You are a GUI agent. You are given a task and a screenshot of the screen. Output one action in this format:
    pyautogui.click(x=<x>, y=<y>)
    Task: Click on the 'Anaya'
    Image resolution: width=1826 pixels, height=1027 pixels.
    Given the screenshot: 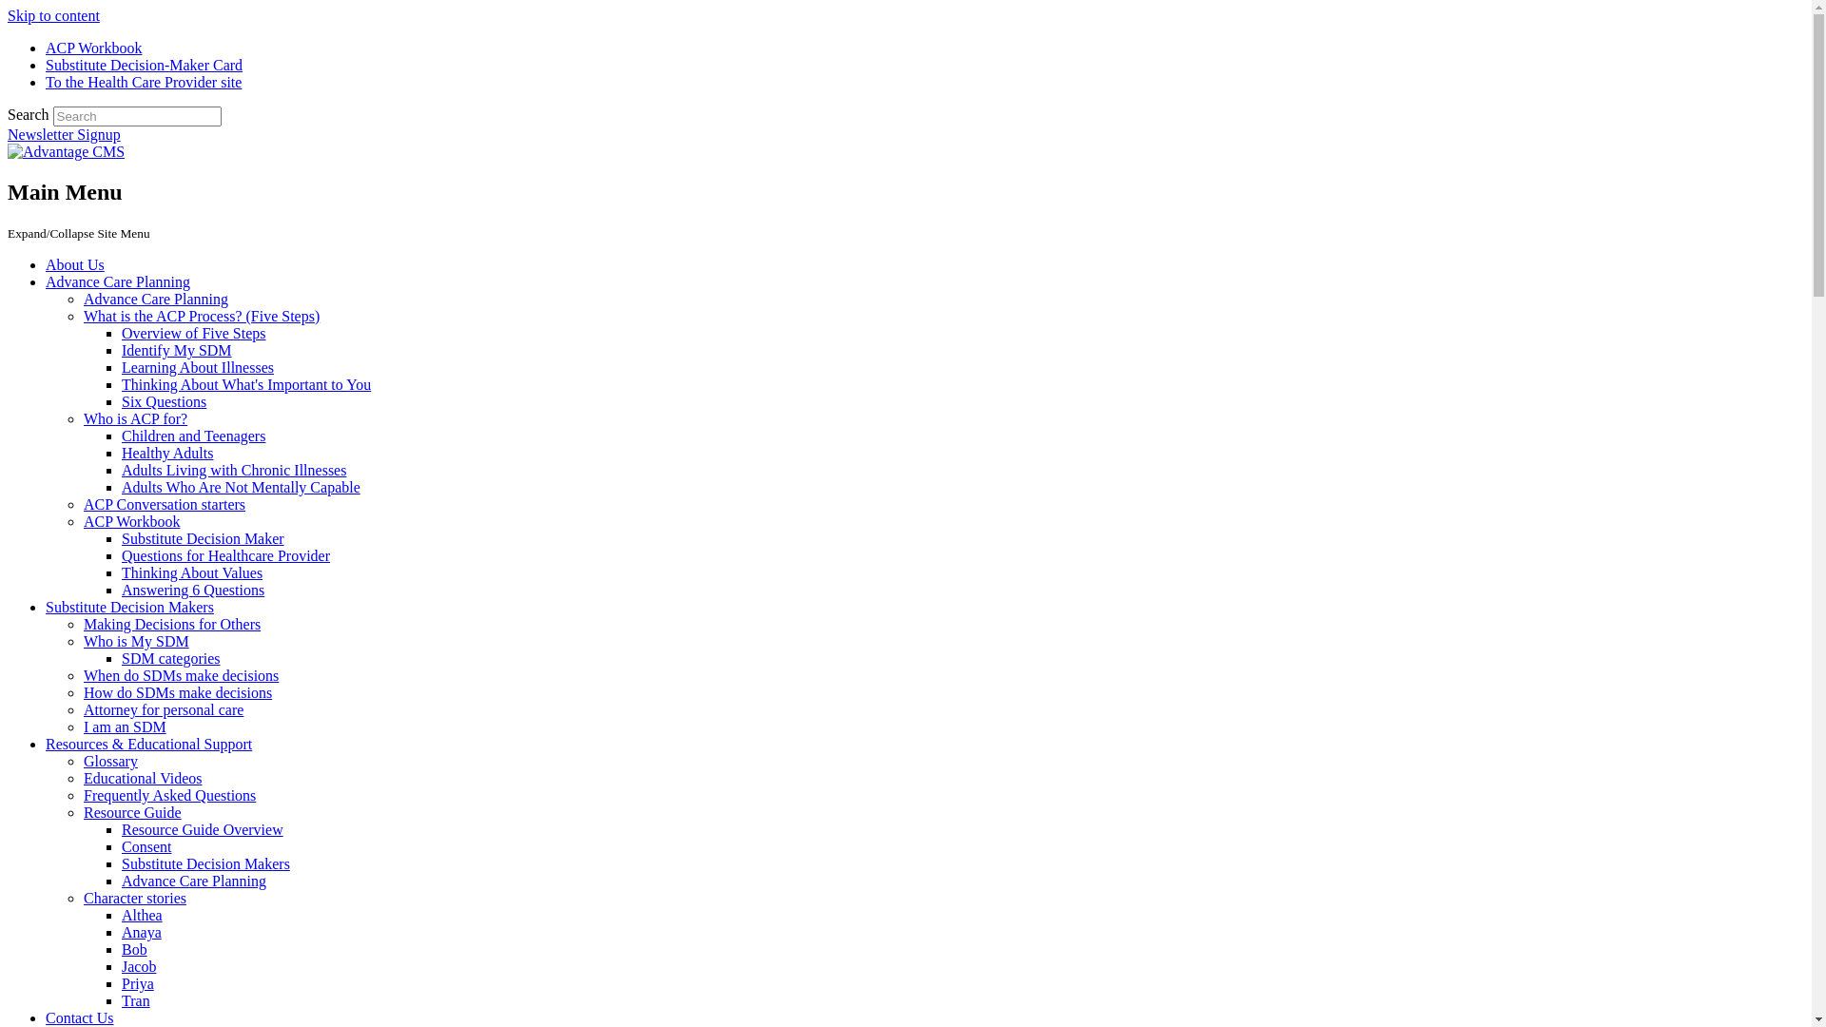 What is the action you would take?
    pyautogui.click(x=140, y=931)
    